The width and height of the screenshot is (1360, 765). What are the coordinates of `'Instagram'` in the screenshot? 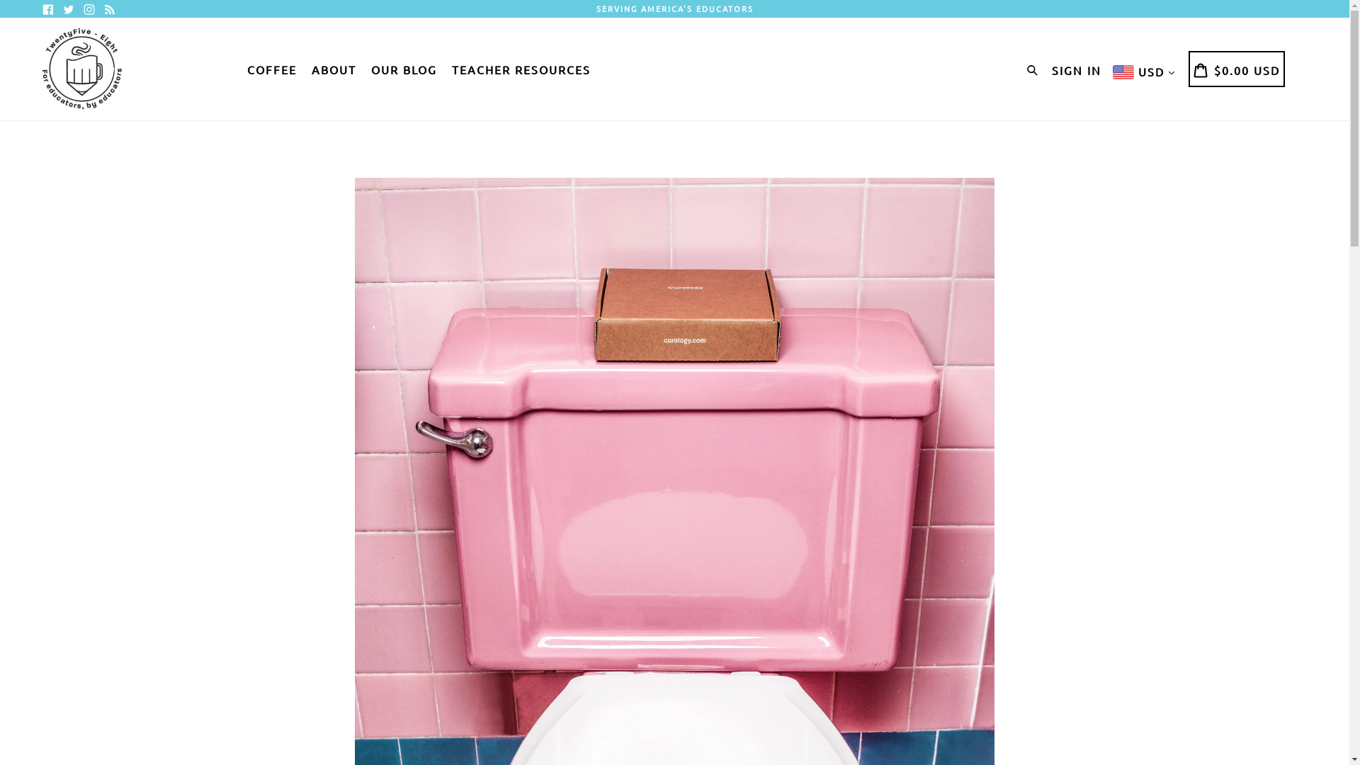 It's located at (88, 9).